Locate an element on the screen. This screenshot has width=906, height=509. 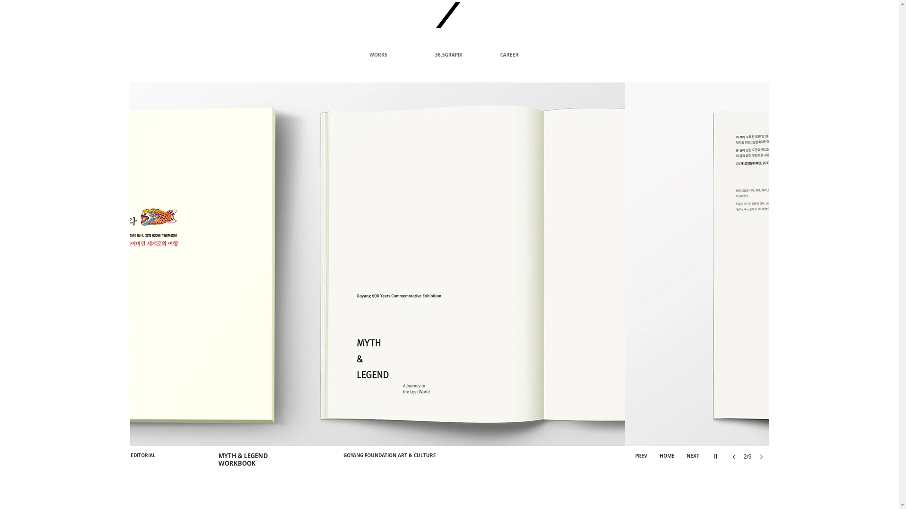
'WORKS' is located at coordinates (395, 55).